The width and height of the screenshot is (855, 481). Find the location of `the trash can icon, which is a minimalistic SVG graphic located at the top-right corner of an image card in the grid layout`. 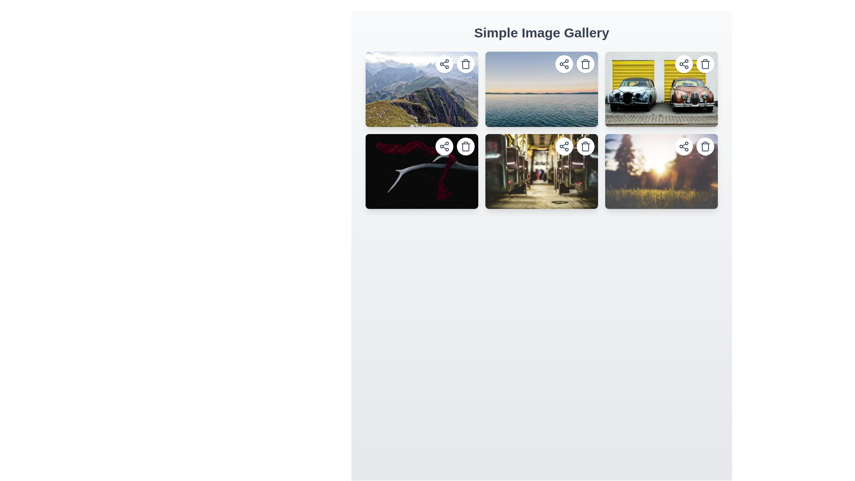

the trash can icon, which is a minimalistic SVG graphic located at the top-right corner of an image card in the grid layout is located at coordinates (705, 63).